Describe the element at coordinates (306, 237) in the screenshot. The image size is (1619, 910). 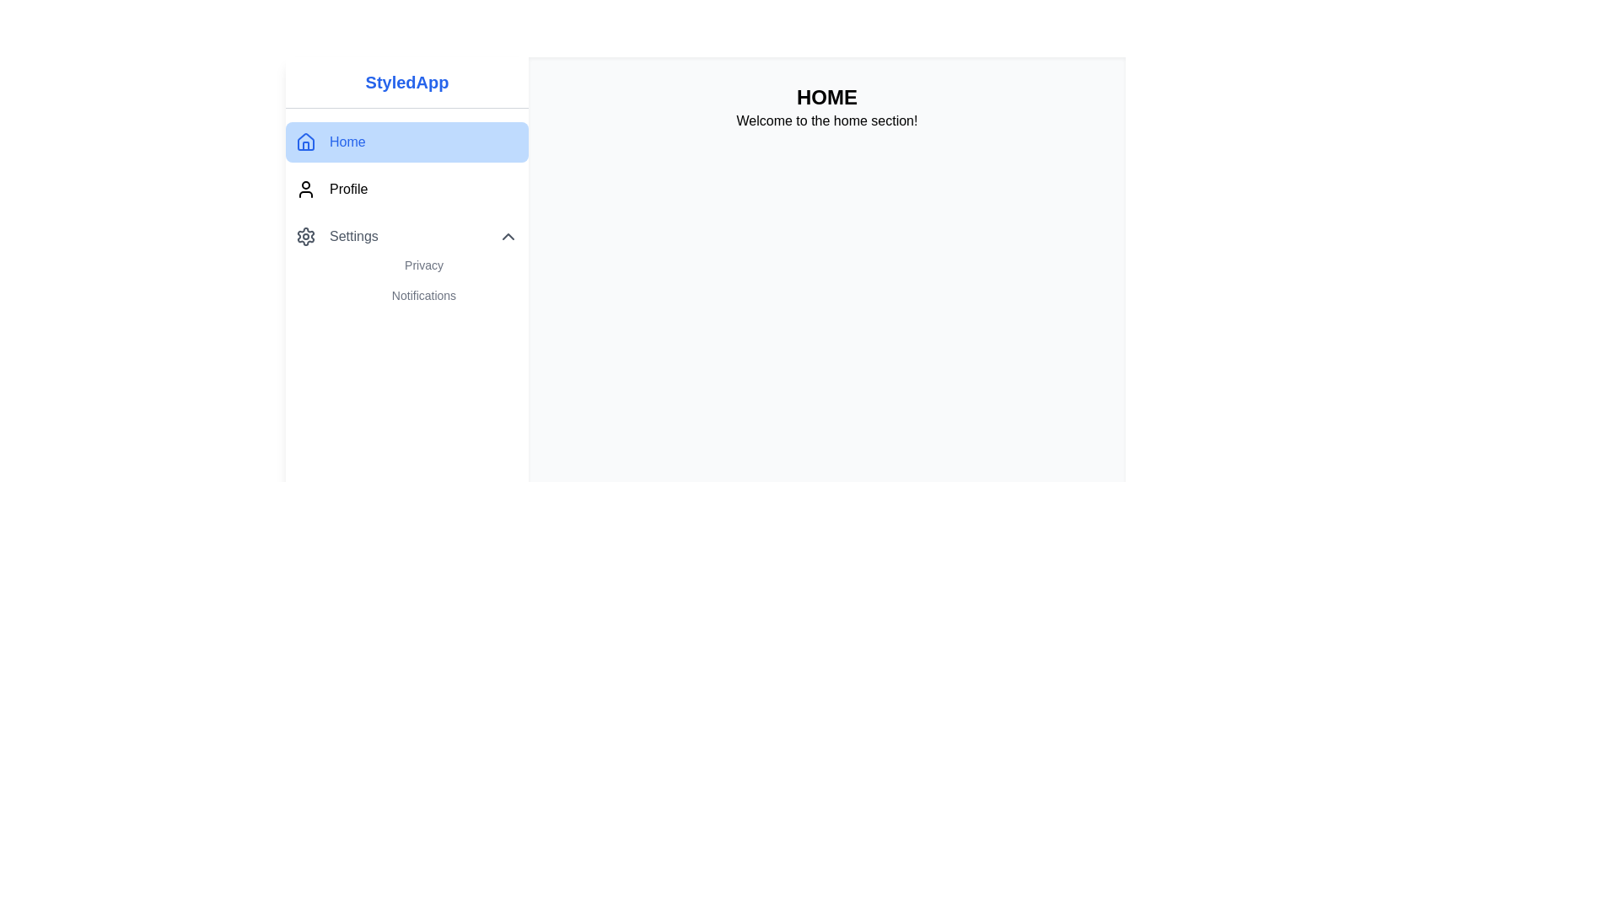
I see `the gear-shaped settings icon located on the vertical navigation sidebar next to the 'Settings' label` at that location.